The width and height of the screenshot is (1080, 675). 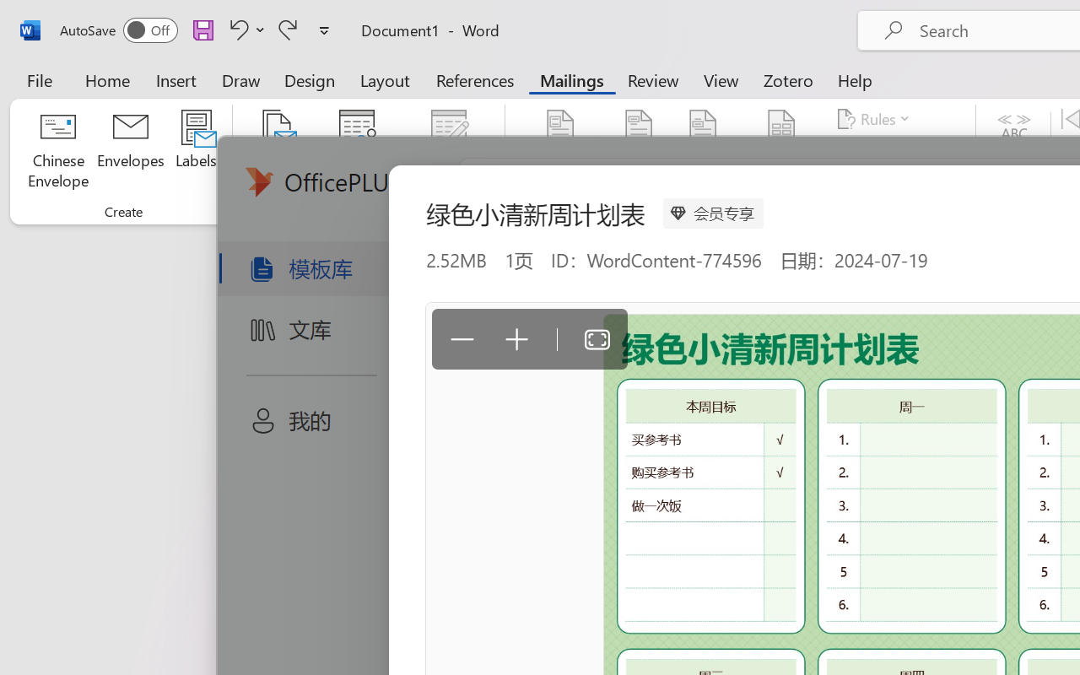 What do you see at coordinates (235, 29) in the screenshot?
I see `'Undo Apply Quick Style Set'` at bounding box center [235, 29].